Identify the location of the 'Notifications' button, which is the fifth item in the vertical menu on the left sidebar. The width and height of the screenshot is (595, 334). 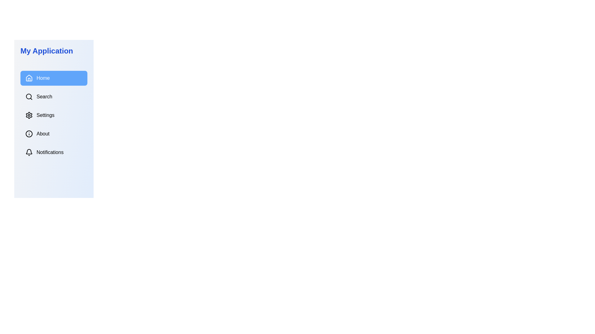
(54, 152).